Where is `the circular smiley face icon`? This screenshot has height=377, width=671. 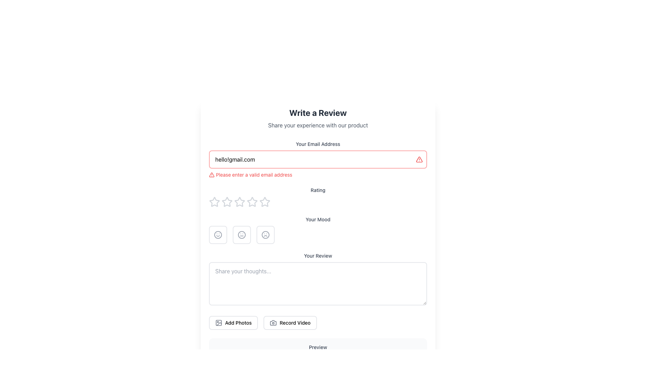
the circular smiley face icon is located at coordinates (218, 235).